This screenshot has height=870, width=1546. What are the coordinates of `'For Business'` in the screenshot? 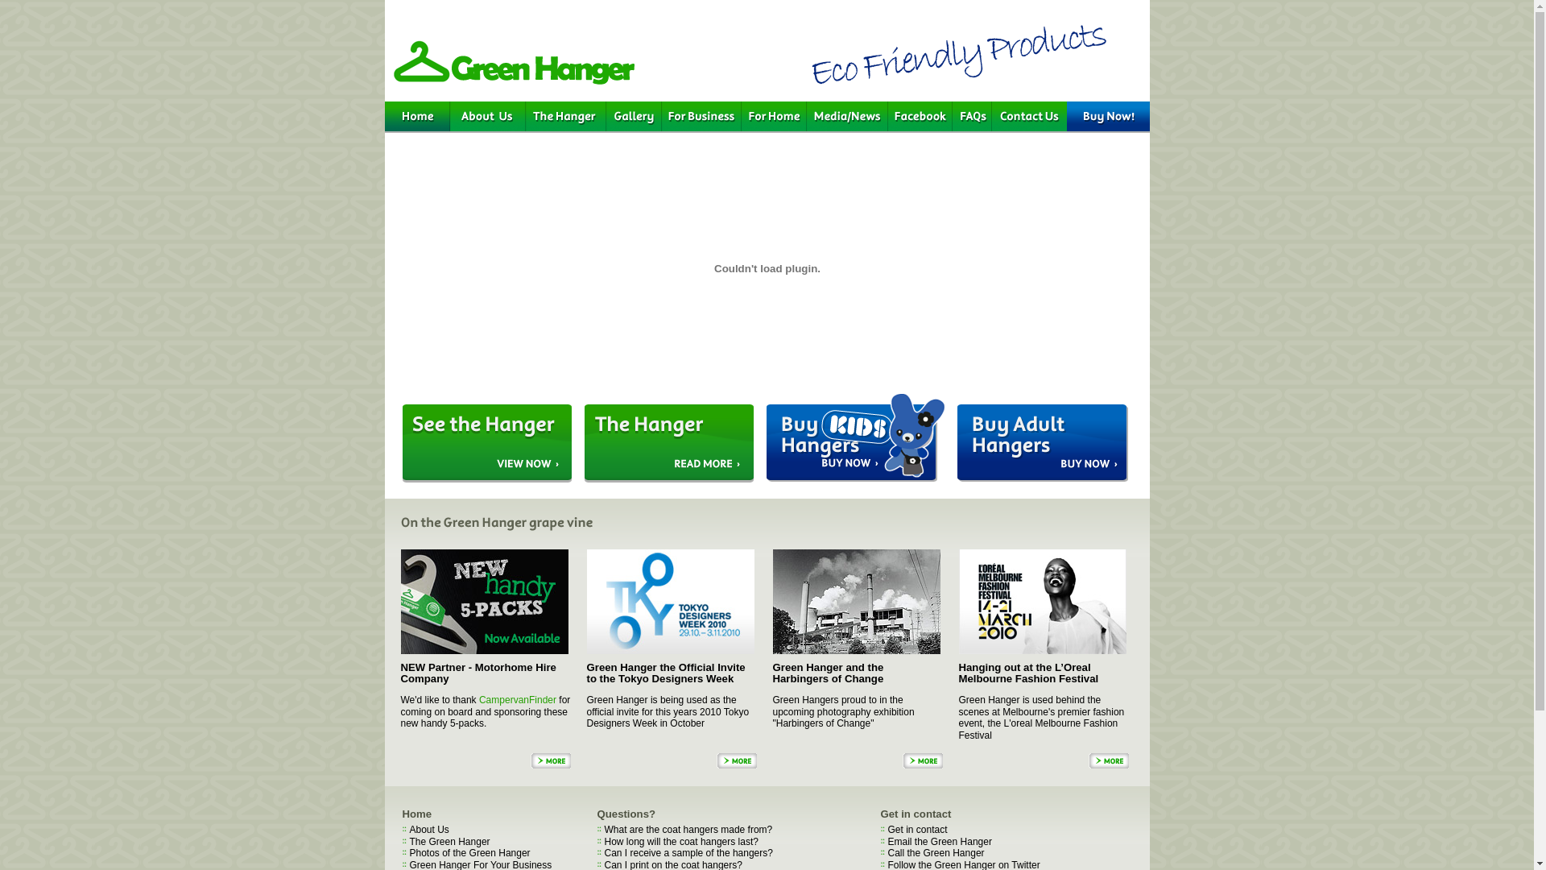 It's located at (701, 116).